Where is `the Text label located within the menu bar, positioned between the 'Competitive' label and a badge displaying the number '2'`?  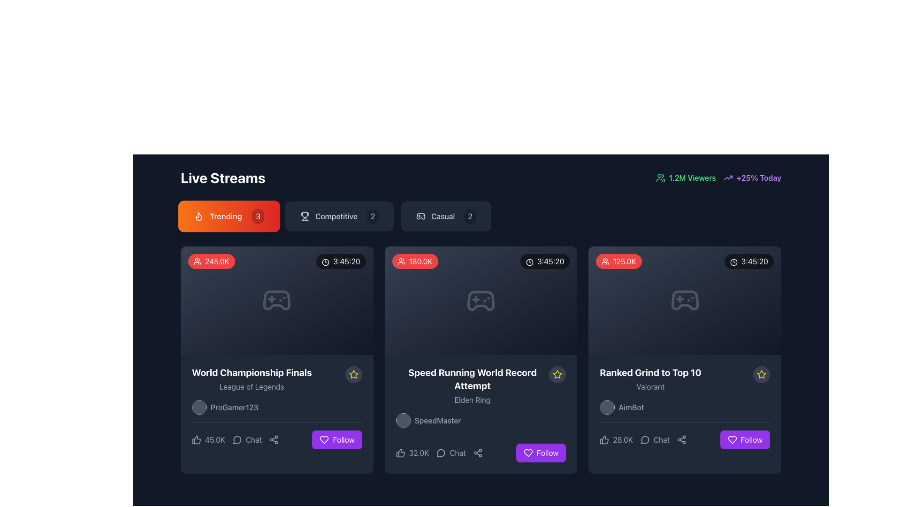
the Text label located within the menu bar, positioned between the 'Competitive' label and a badge displaying the number '2' is located at coordinates (443, 216).